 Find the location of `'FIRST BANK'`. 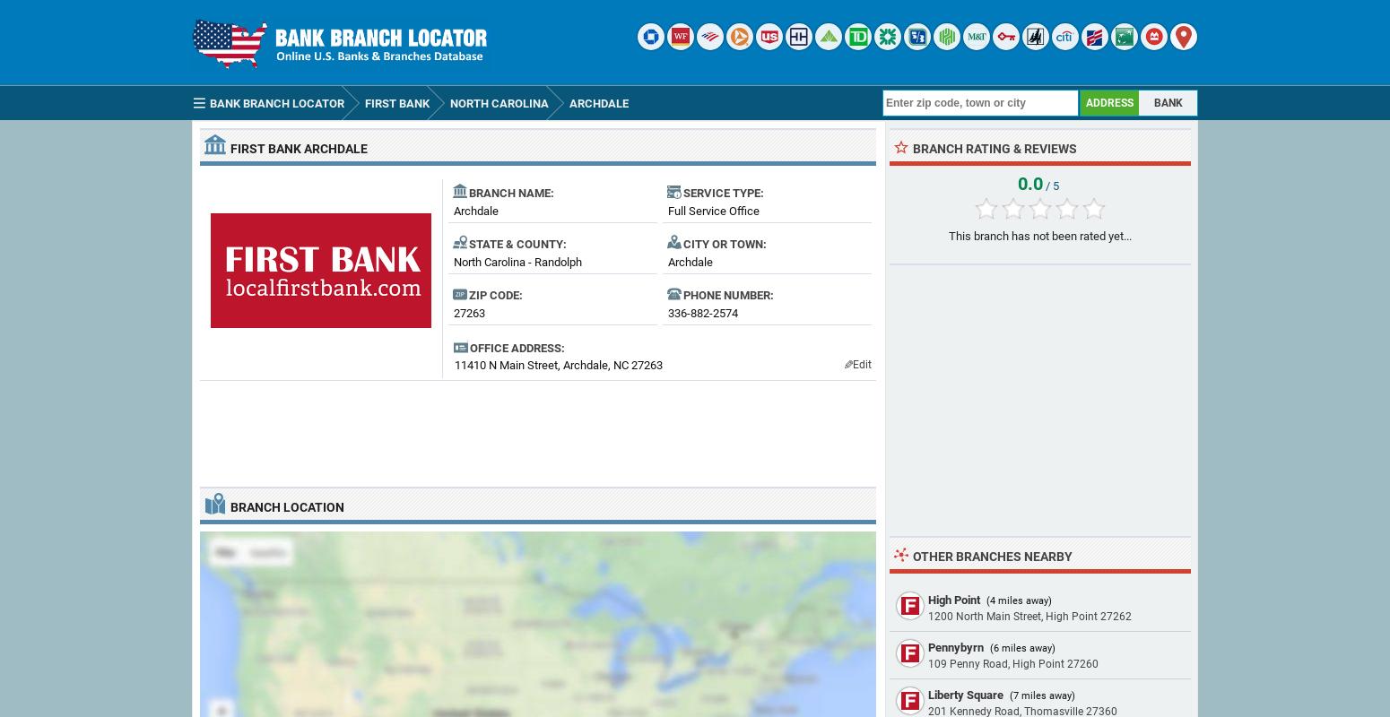

'FIRST BANK' is located at coordinates (267, 149).